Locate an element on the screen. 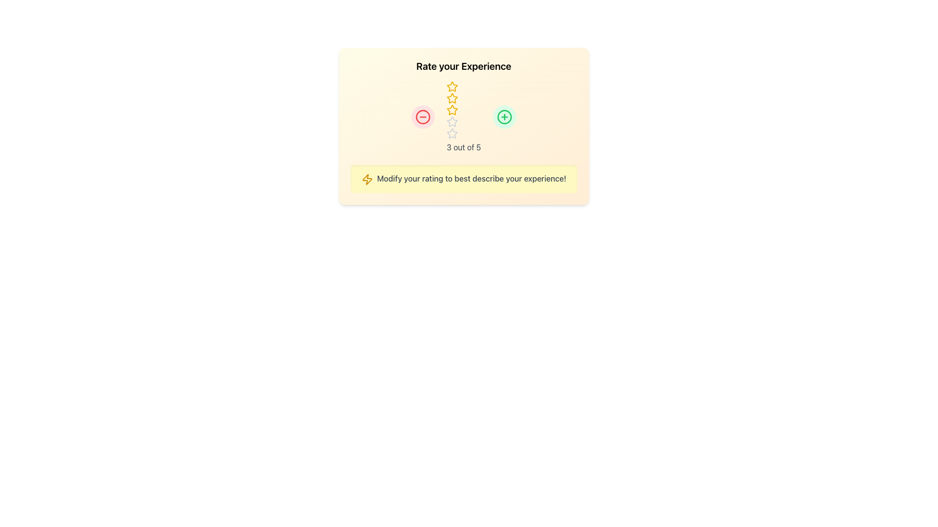 This screenshot has height=527, width=938. the third hollow star icon in the 5-star rating system is located at coordinates (452, 121).